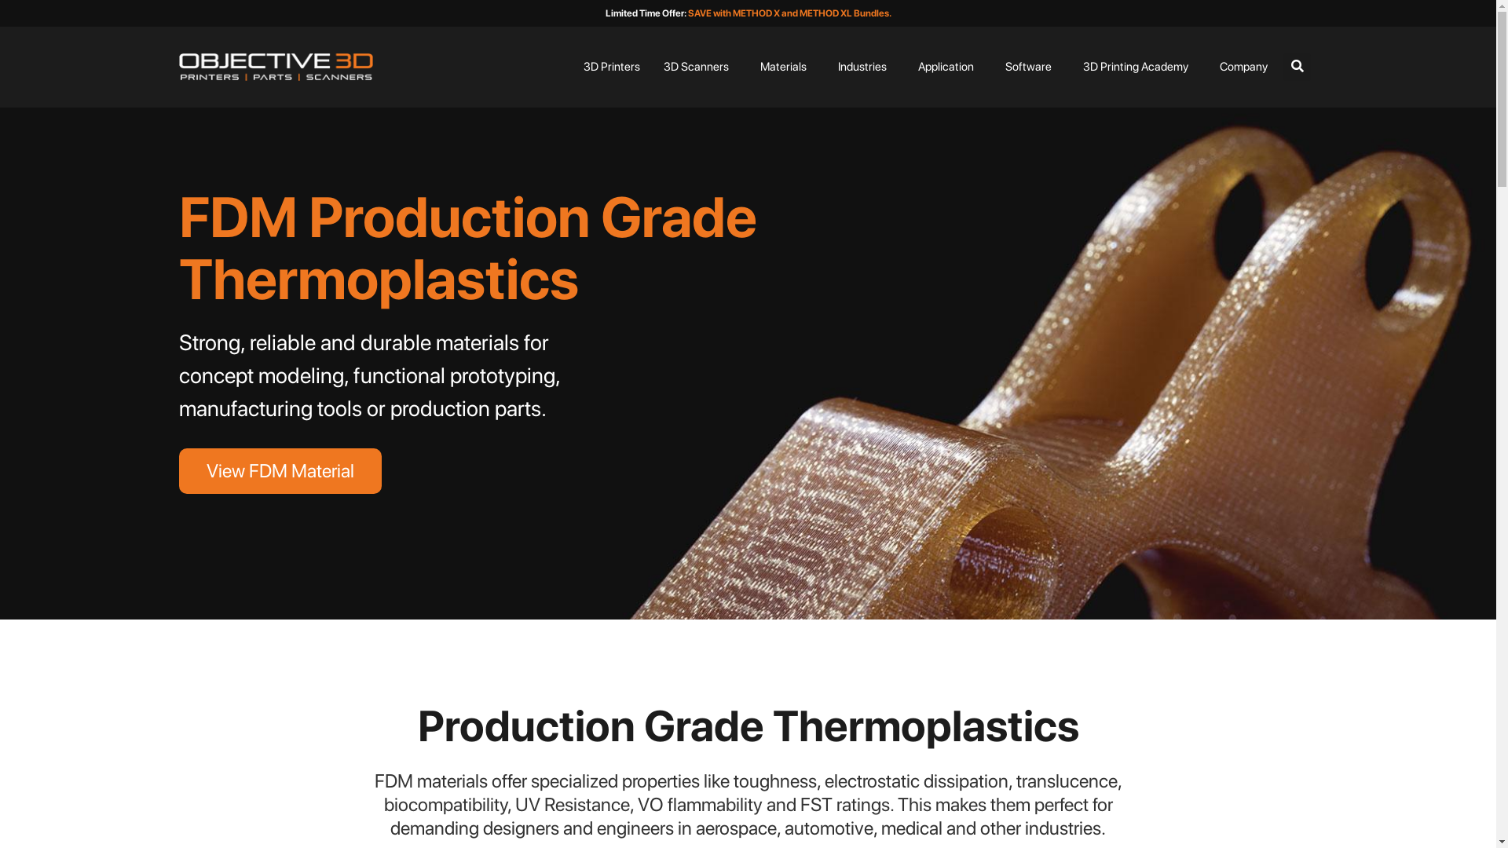  What do you see at coordinates (1028, 66) in the screenshot?
I see `'Software'` at bounding box center [1028, 66].